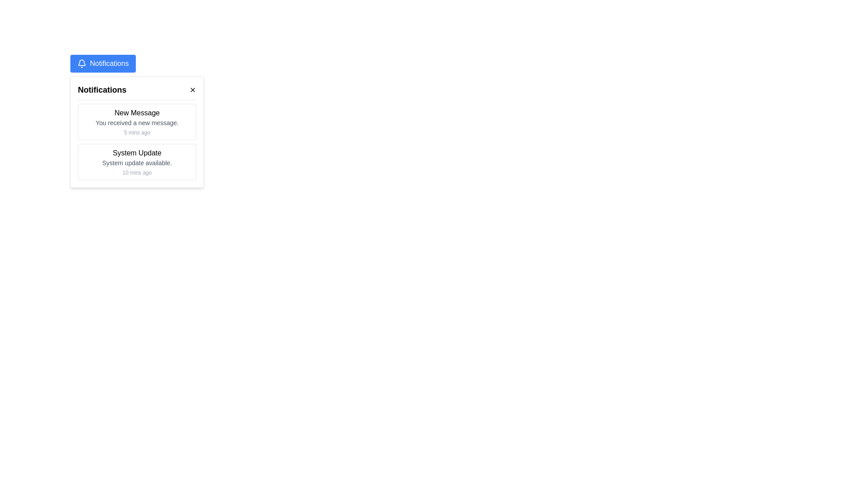 The width and height of the screenshot is (855, 481). I want to click on the timestamp text element located beneath the 'System update available.' message within the 'System Update' notification item, so click(136, 173).